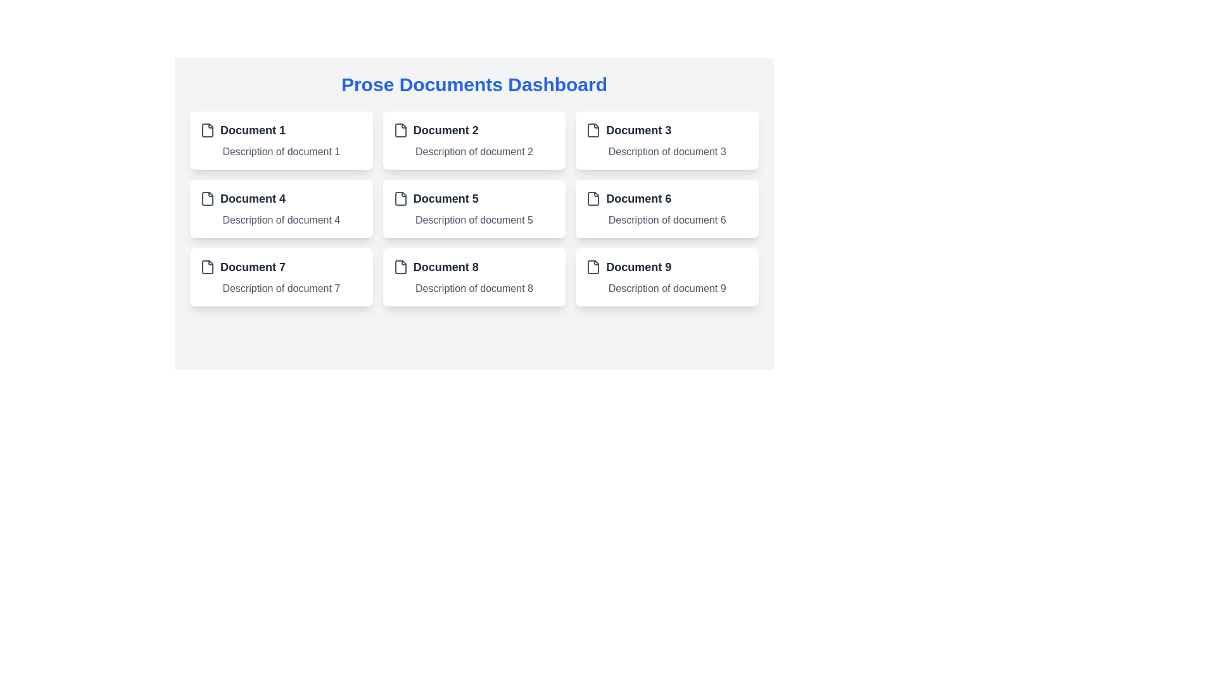  I want to click on title of the fourth document in the dashboard, which is represented by a text label positioned in the second row, first column of the grid layout, so click(253, 198).